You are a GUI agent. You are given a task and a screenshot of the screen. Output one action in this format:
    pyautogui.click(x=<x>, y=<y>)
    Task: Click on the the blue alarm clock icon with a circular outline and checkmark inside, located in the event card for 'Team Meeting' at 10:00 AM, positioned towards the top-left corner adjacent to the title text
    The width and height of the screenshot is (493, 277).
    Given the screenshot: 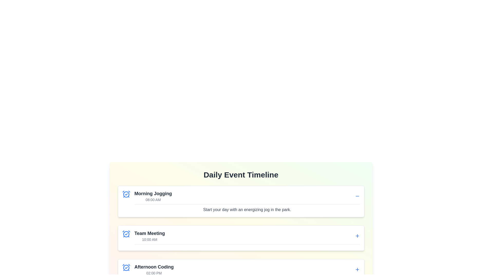 What is the action you would take?
    pyautogui.click(x=126, y=234)
    